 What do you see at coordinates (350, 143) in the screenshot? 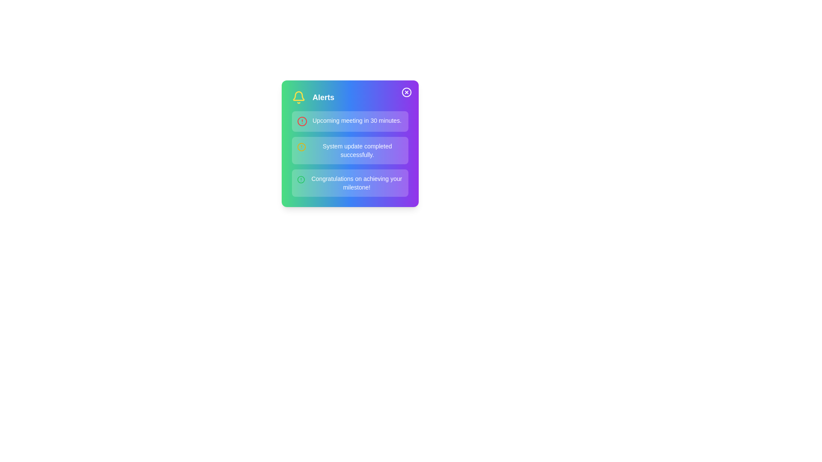
I see `the notification displayed in the second list item of the organized alerts, represented by the Text Block with Icon` at bounding box center [350, 143].